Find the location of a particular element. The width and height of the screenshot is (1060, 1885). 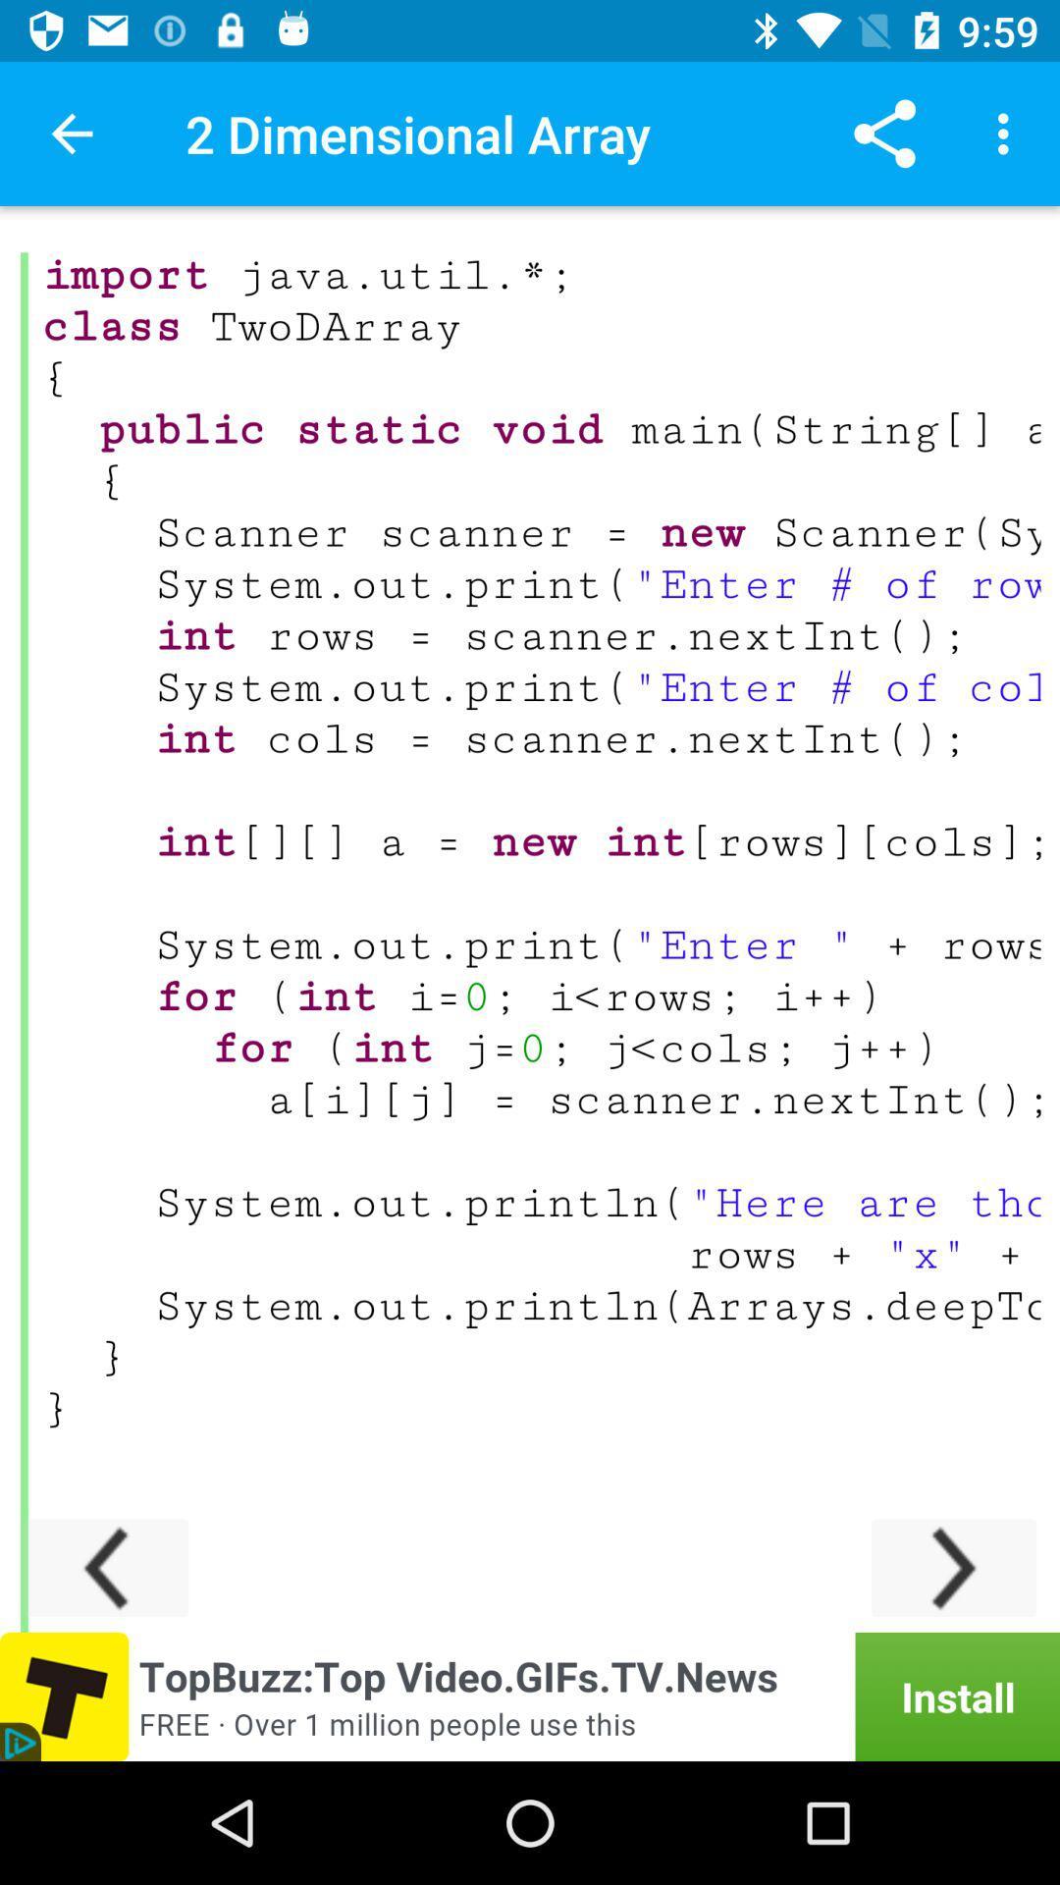

the arrow_forward icon is located at coordinates (953, 1567).